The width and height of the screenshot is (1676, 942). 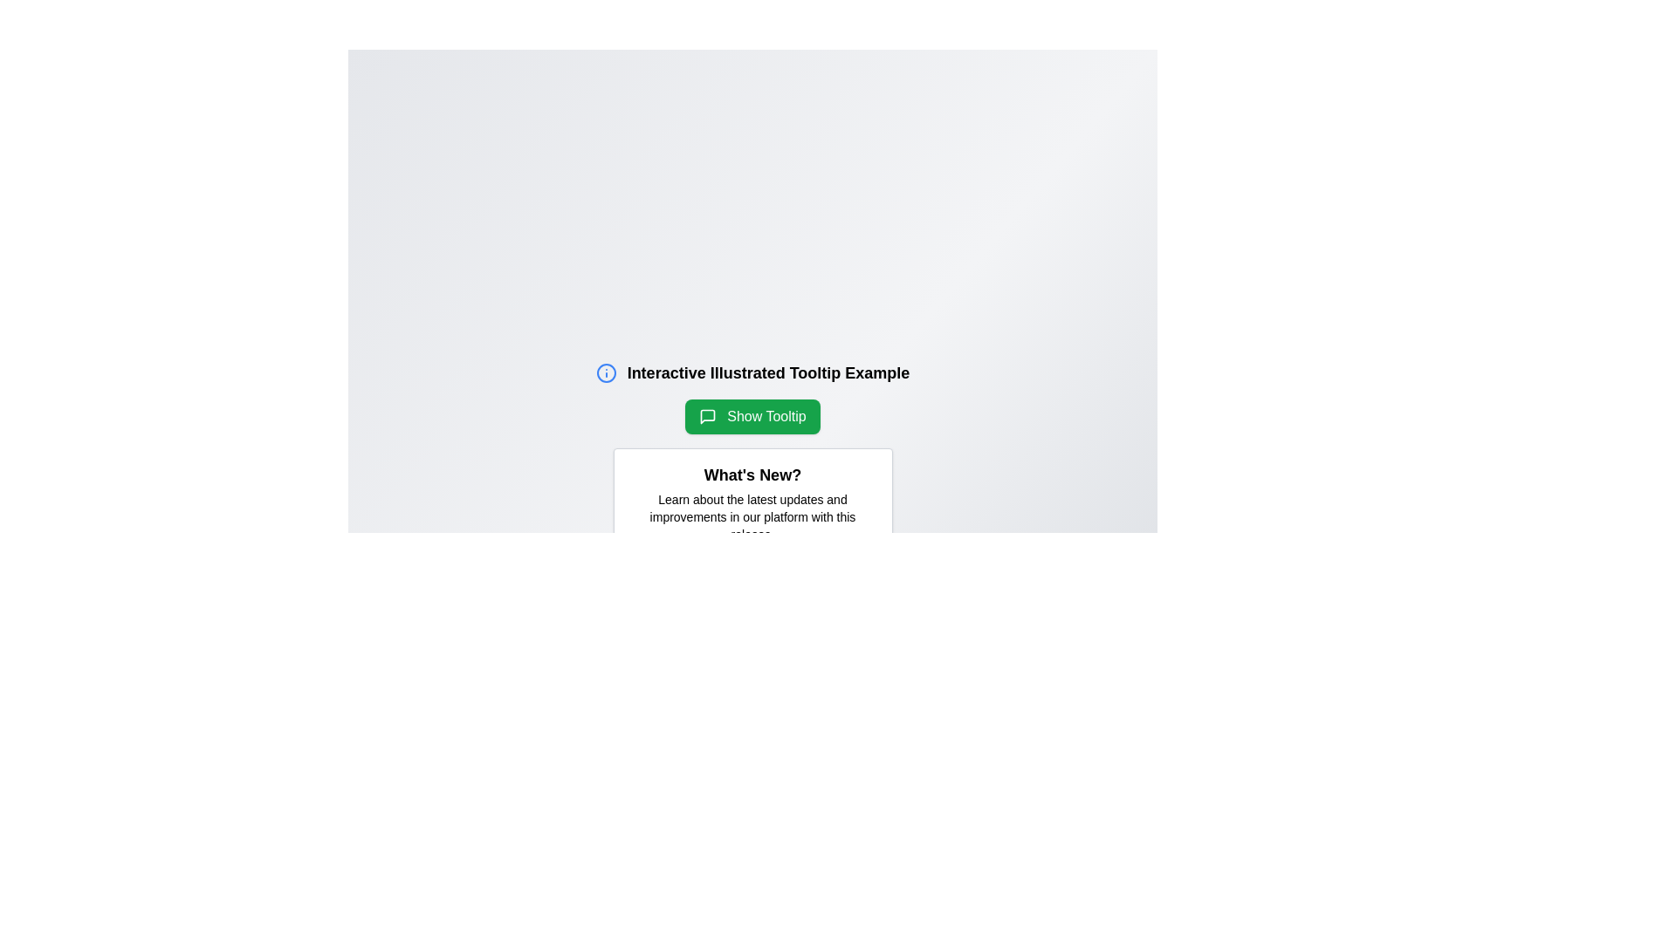 I want to click on the heading text element that introduces the interactive tooltip example, located above the 'Show Tooltip' button, so click(x=752, y=372).